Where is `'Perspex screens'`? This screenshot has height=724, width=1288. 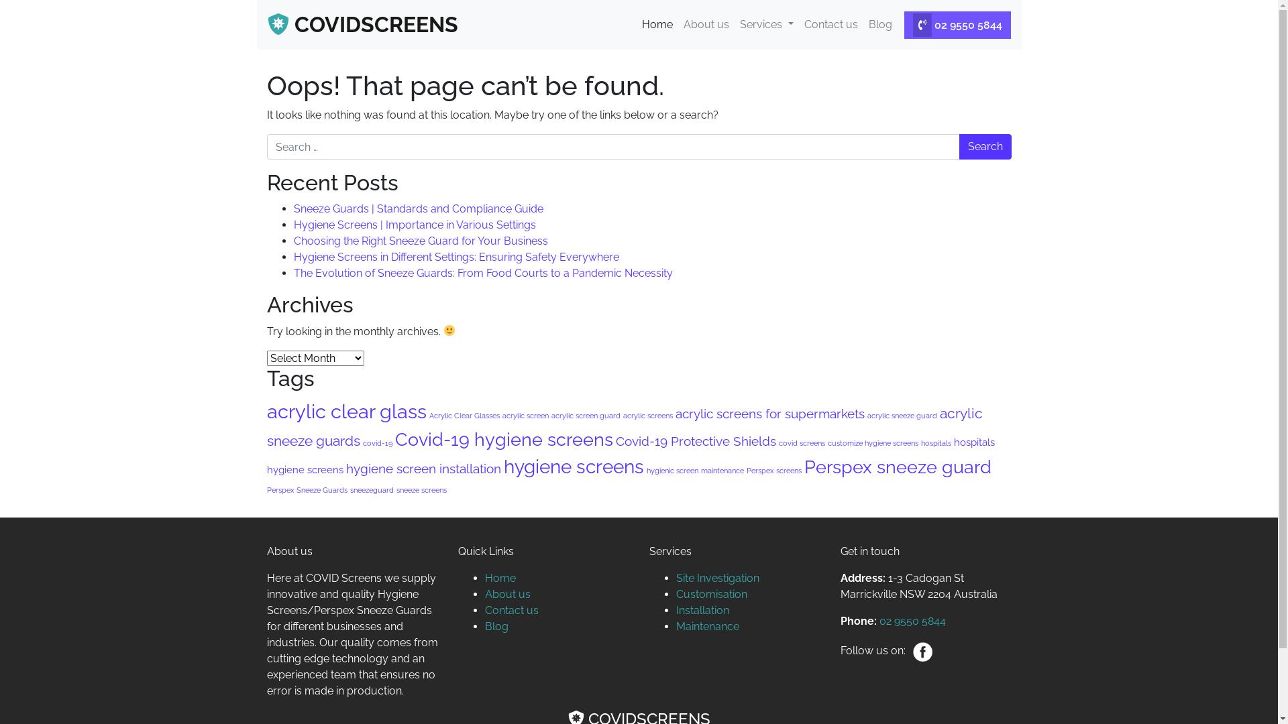 'Perspex screens' is located at coordinates (745, 470).